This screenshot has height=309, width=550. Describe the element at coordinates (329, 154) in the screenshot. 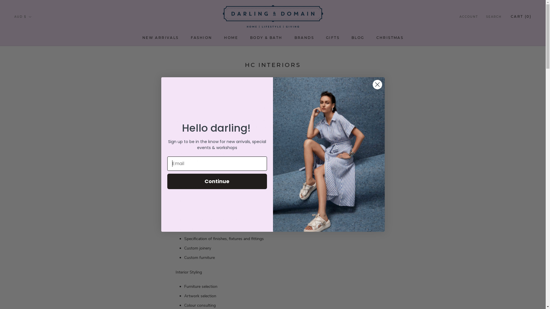

I see `'Hello darling, welcome to Darling & Domain'` at that location.